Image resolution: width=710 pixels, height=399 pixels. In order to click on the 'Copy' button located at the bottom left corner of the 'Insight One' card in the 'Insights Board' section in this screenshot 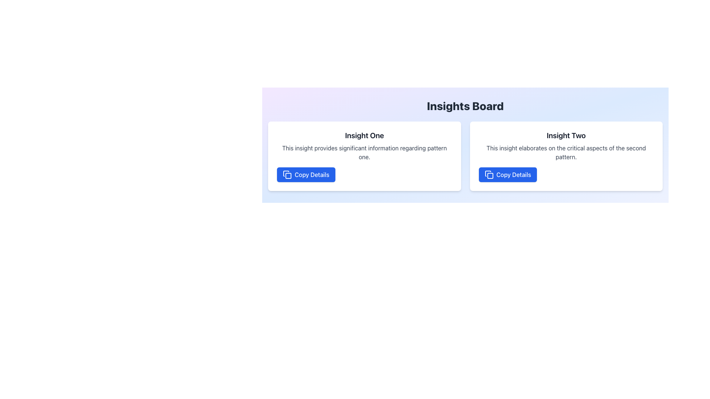, I will do `click(306, 175)`.